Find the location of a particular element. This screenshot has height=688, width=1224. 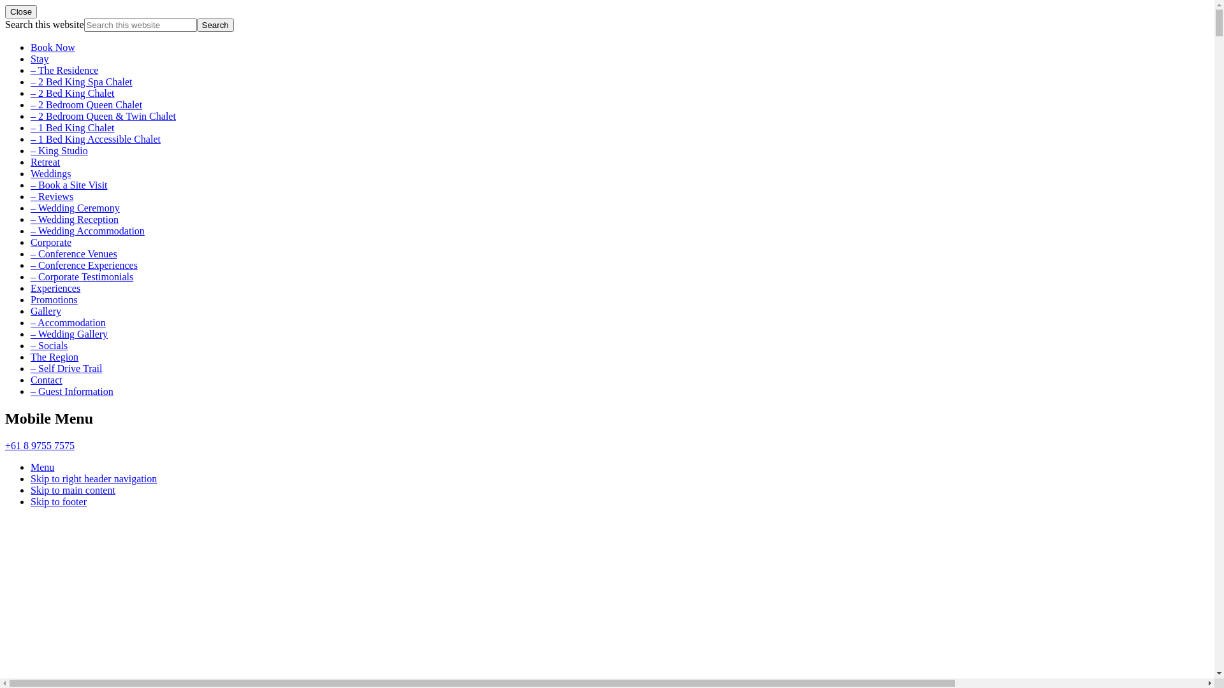

'Retreat' is located at coordinates (45, 161).